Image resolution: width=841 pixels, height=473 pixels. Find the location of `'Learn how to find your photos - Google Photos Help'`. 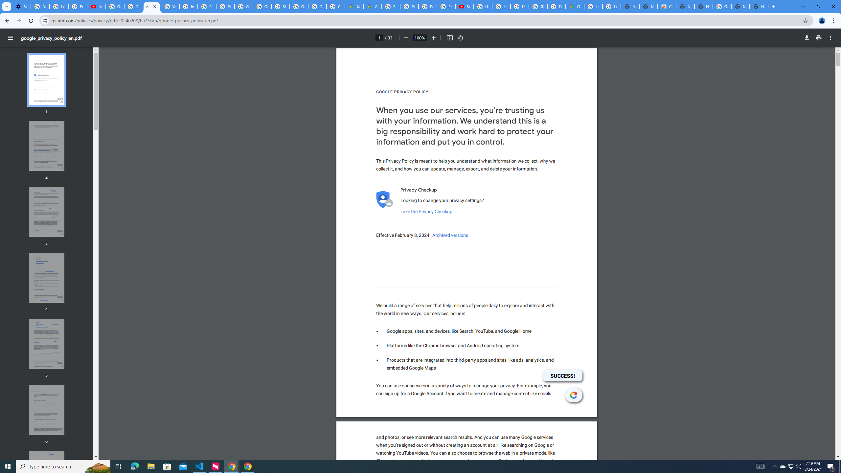

'Learn how to find your photos - Google Photos Help' is located at coordinates (59, 6).